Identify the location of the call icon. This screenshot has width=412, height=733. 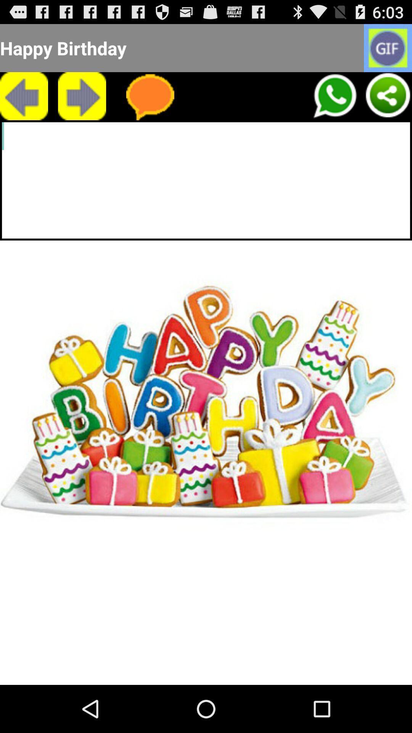
(334, 102).